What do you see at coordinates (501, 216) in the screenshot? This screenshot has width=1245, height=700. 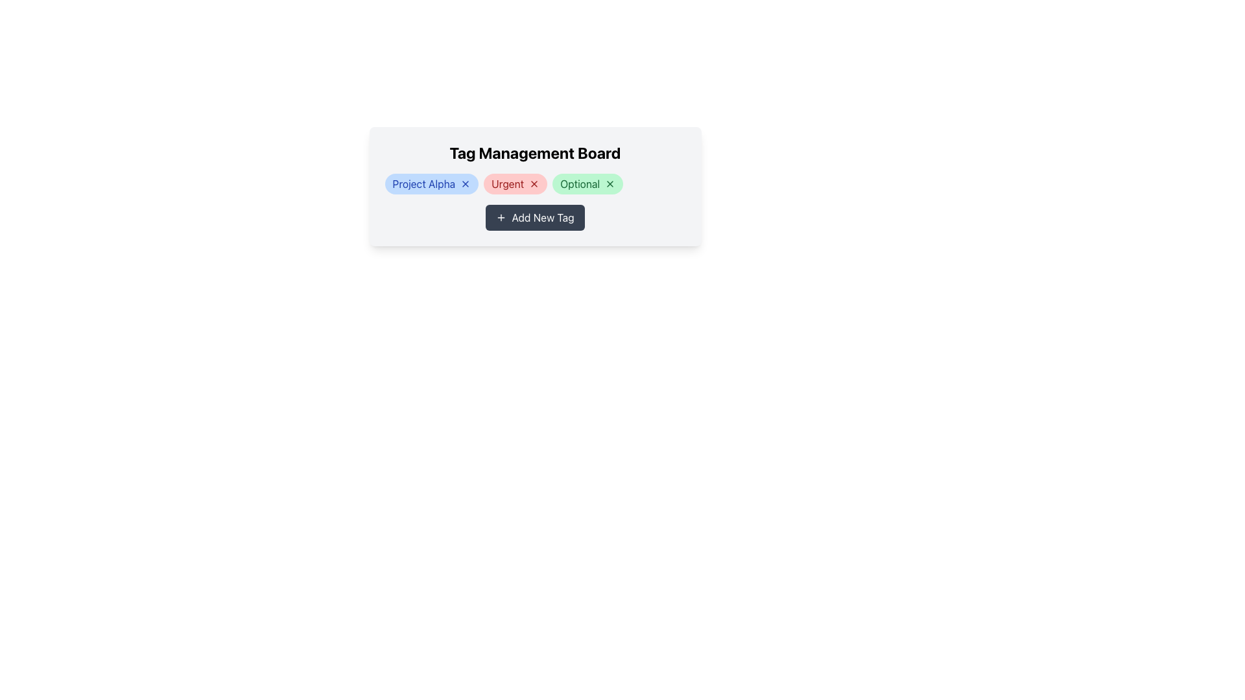 I see `the button labeled 'Add New Tag' which contains a small plus icon on its left side` at bounding box center [501, 216].